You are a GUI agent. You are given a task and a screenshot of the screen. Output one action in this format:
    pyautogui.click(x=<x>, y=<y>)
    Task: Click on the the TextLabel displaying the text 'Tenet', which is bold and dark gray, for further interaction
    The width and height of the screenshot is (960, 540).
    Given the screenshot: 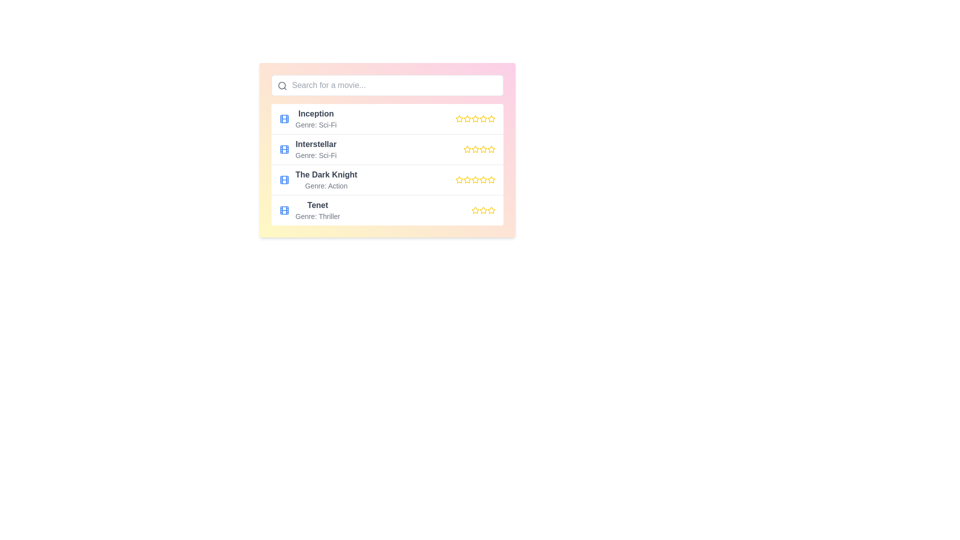 What is the action you would take?
    pyautogui.click(x=317, y=205)
    